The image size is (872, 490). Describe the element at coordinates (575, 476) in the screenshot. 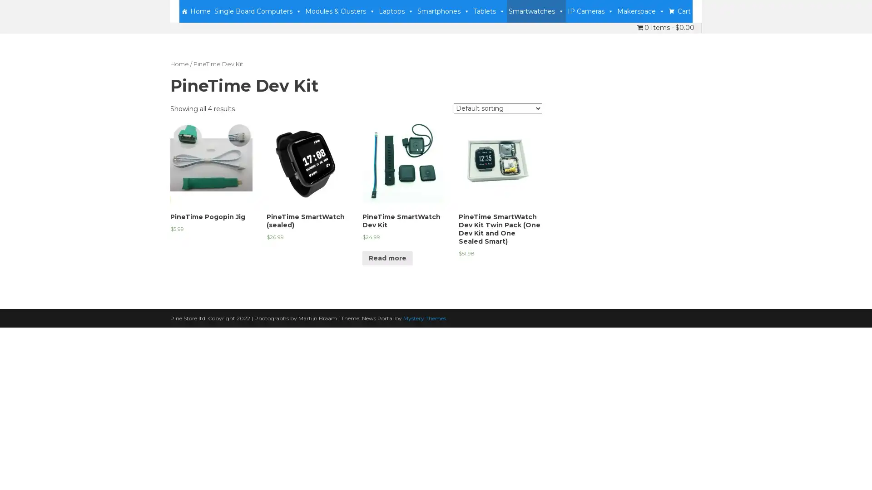

I see `Accept` at that location.